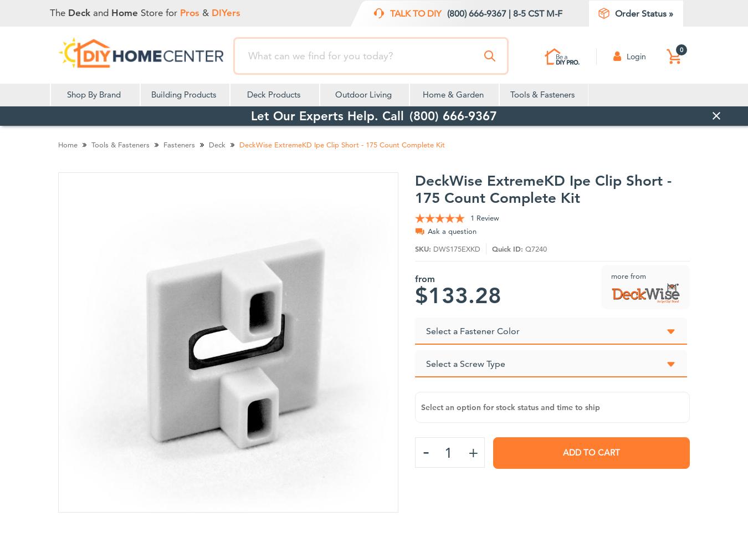 The height and width of the screenshot is (537, 748). What do you see at coordinates (680, 48) in the screenshot?
I see `'0'` at bounding box center [680, 48].